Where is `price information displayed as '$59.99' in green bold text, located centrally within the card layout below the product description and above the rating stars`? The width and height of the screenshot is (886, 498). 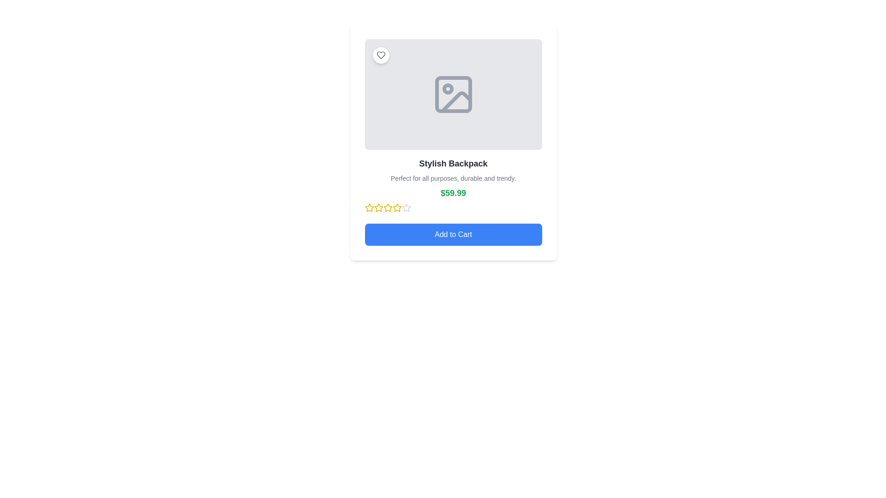 price information displayed as '$59.99' in green bold text, located centrally within the card layout below the product description and above the rating stars is located at coordinates (453, 199).